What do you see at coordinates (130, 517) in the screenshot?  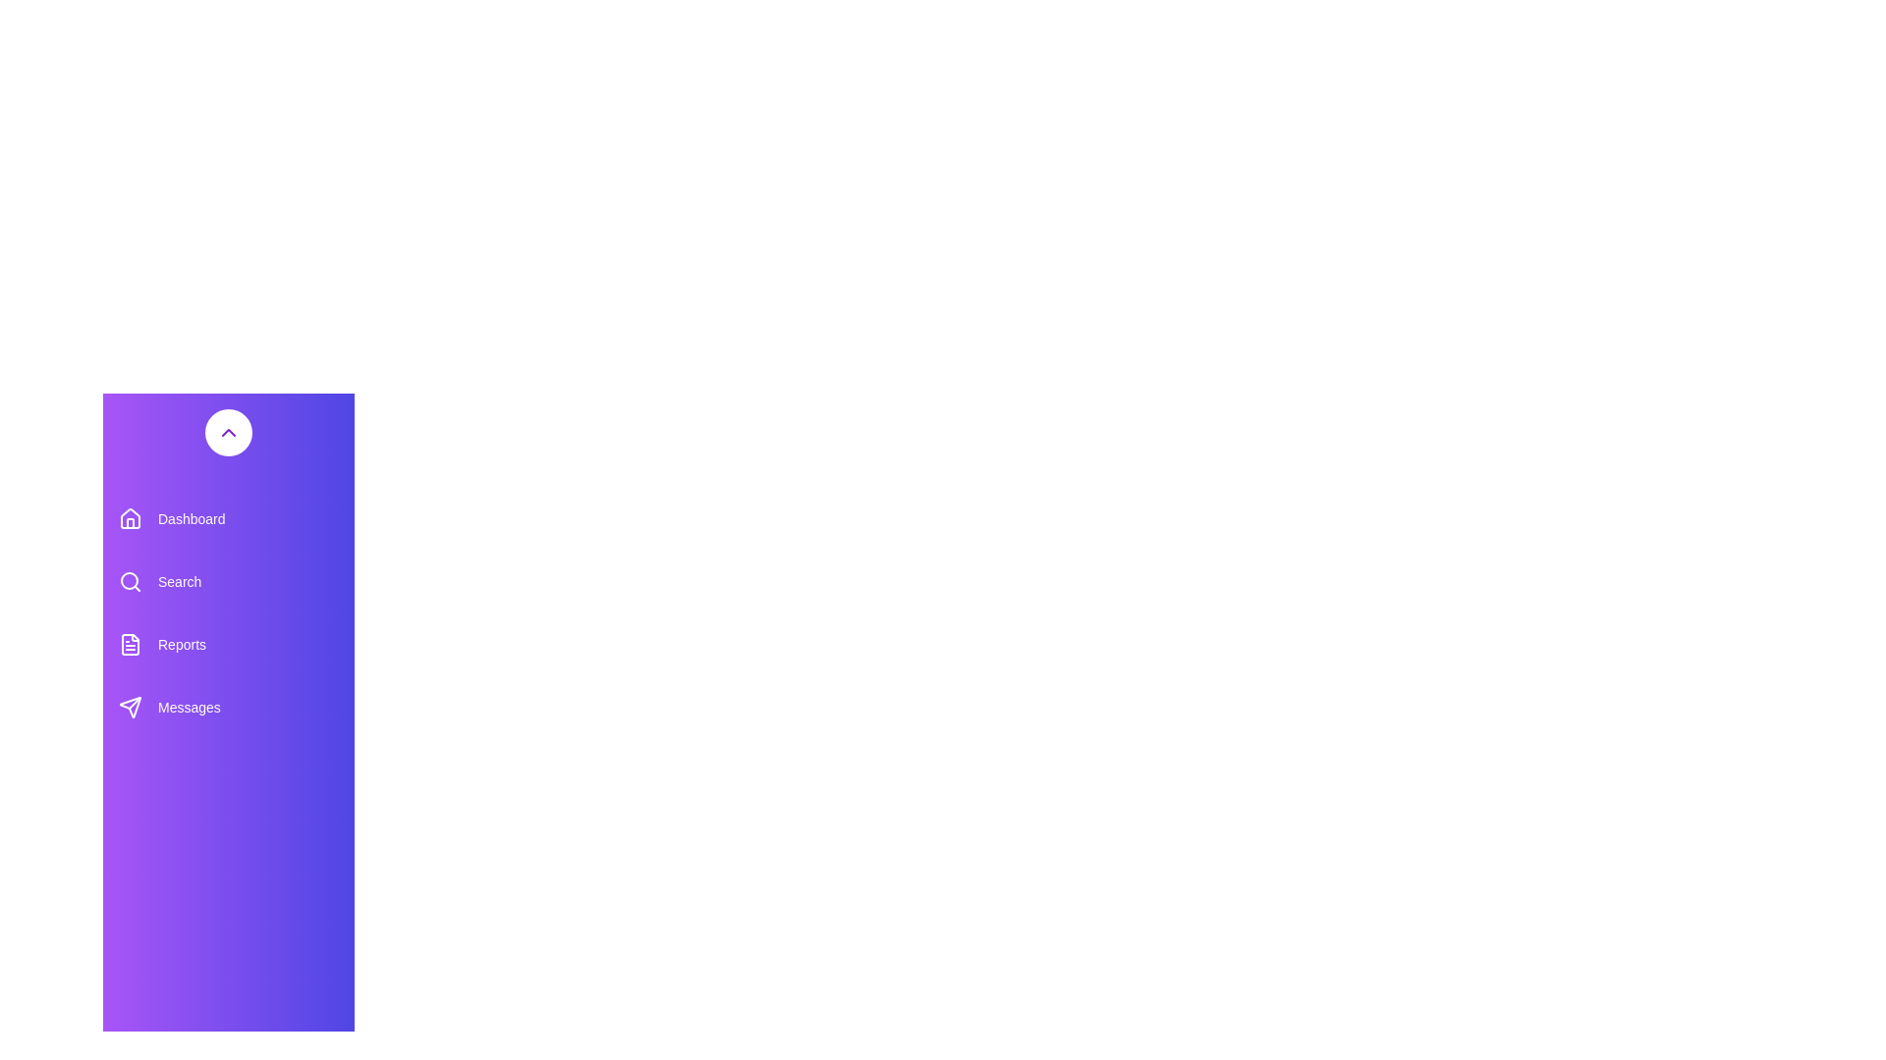 I see `the house icon element located above the 'Dashboard' text label in the left-hand vertical menu for accessibility navigation` at bounding box center [130, 517].